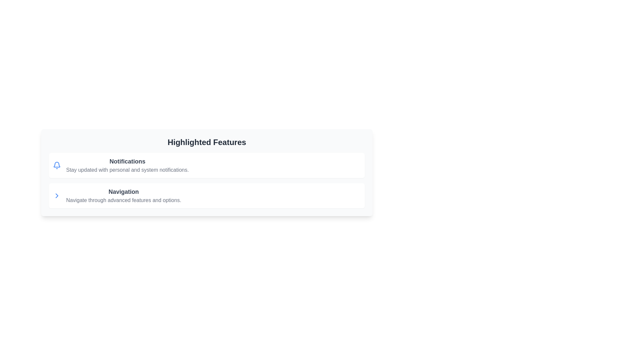 The image size is (632, 356). What do you see at coordinates (127, 161) in the screenshot?
I see `the 'Notifications' label which is styled in bold gray text and positioned under the 'Highlighted Features' main heading` at bounding box center [127, 161].